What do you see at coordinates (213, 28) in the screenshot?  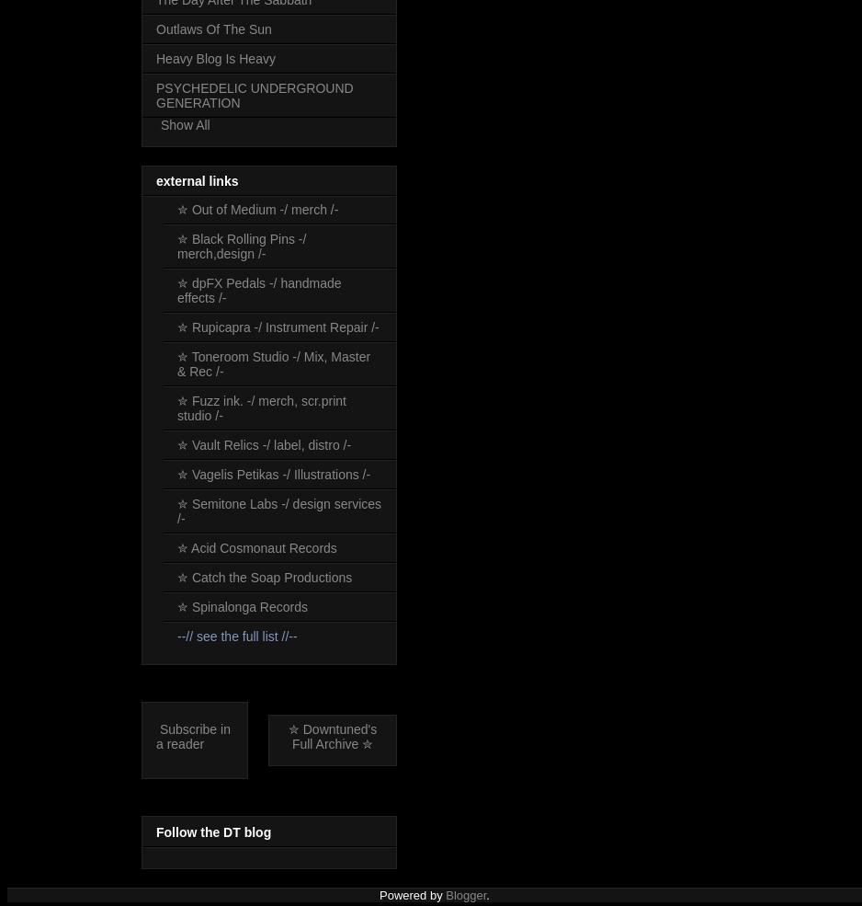 I see `'Outlaws Of The Sun'` at bounding box center [213, 28].